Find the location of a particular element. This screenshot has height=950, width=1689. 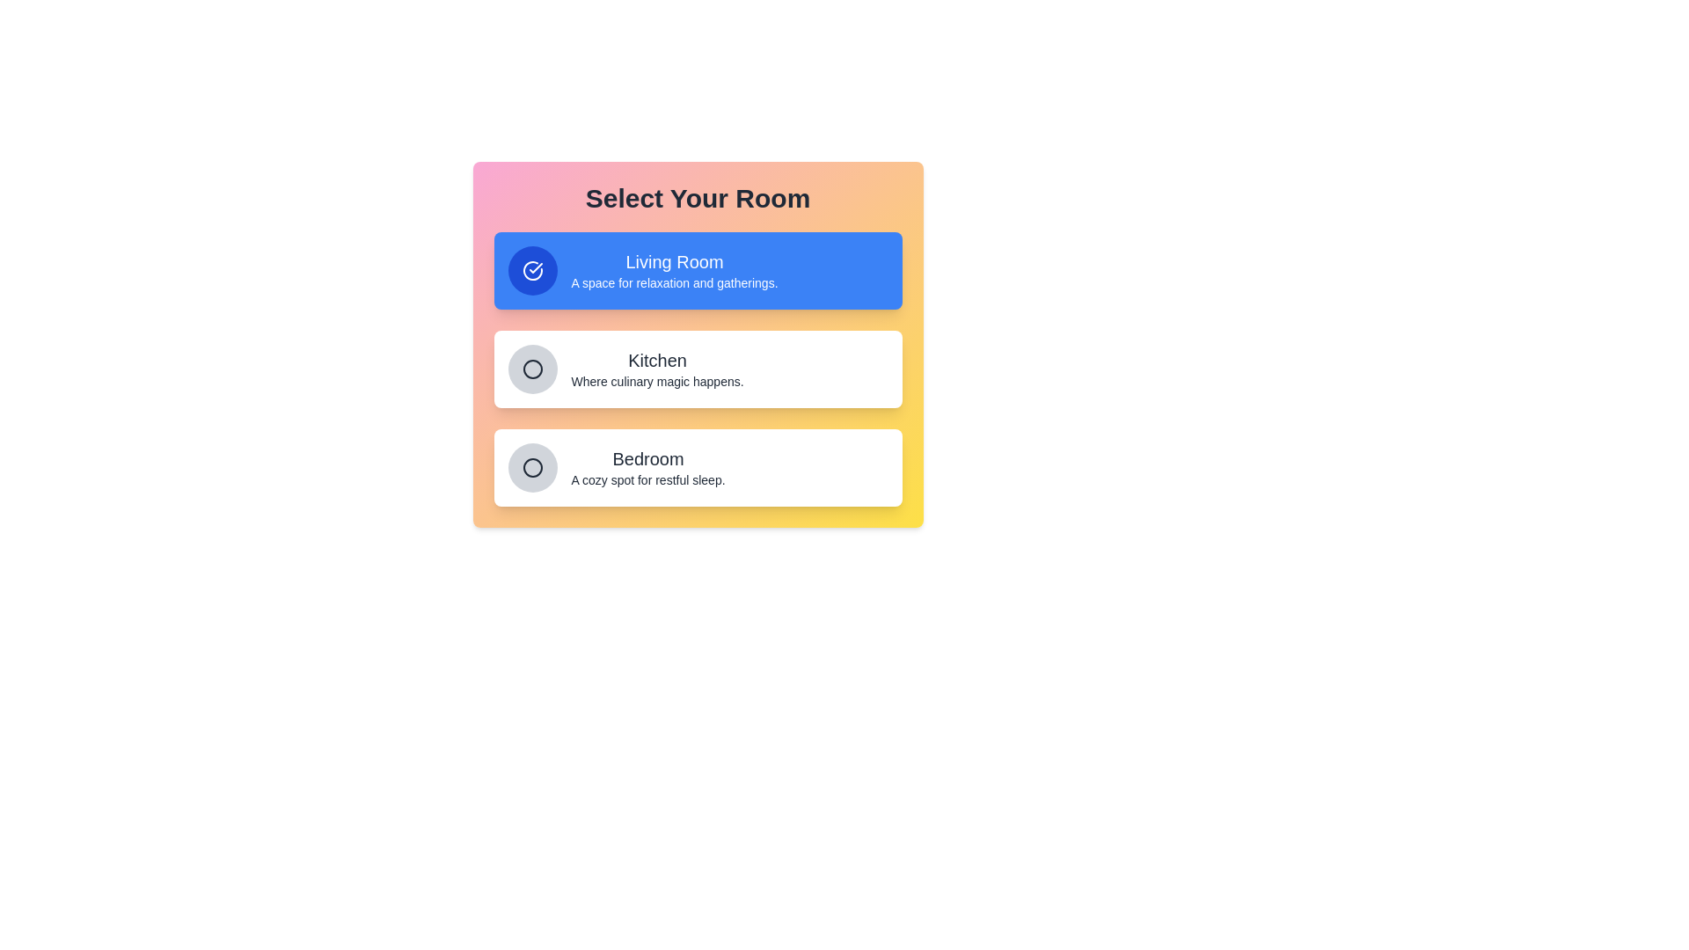

the check icon indicating that 'Living Room' is the currently selected option, which is positioned inside a circular blue background on the left side of the option's text is located at coordinates (531, 271).